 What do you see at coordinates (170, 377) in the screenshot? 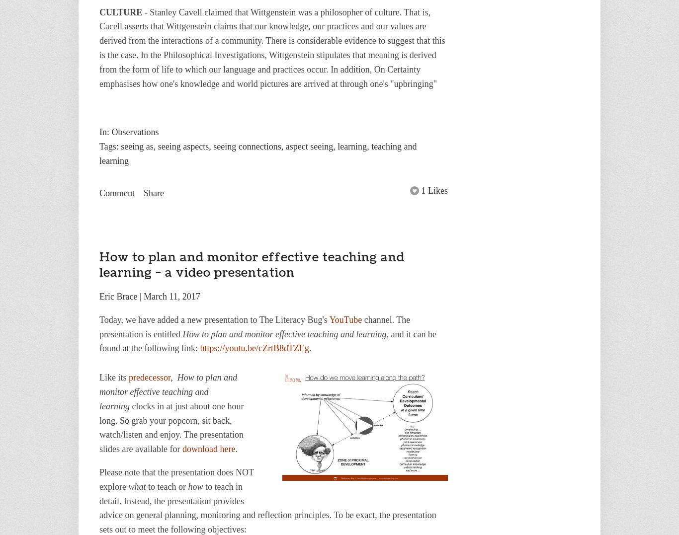
I see `','` at bounding box center [170, 377].